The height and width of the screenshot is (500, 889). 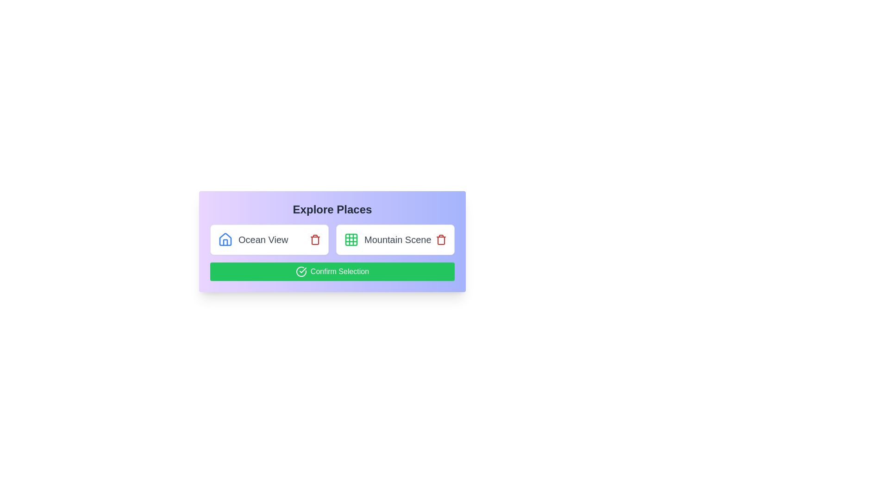 What do you see at coordinates (315, 239) in the screenshot?
I see `the delete icon button located at the top right corner of the 'Ocean View' card` at bounding box center [315, 239].